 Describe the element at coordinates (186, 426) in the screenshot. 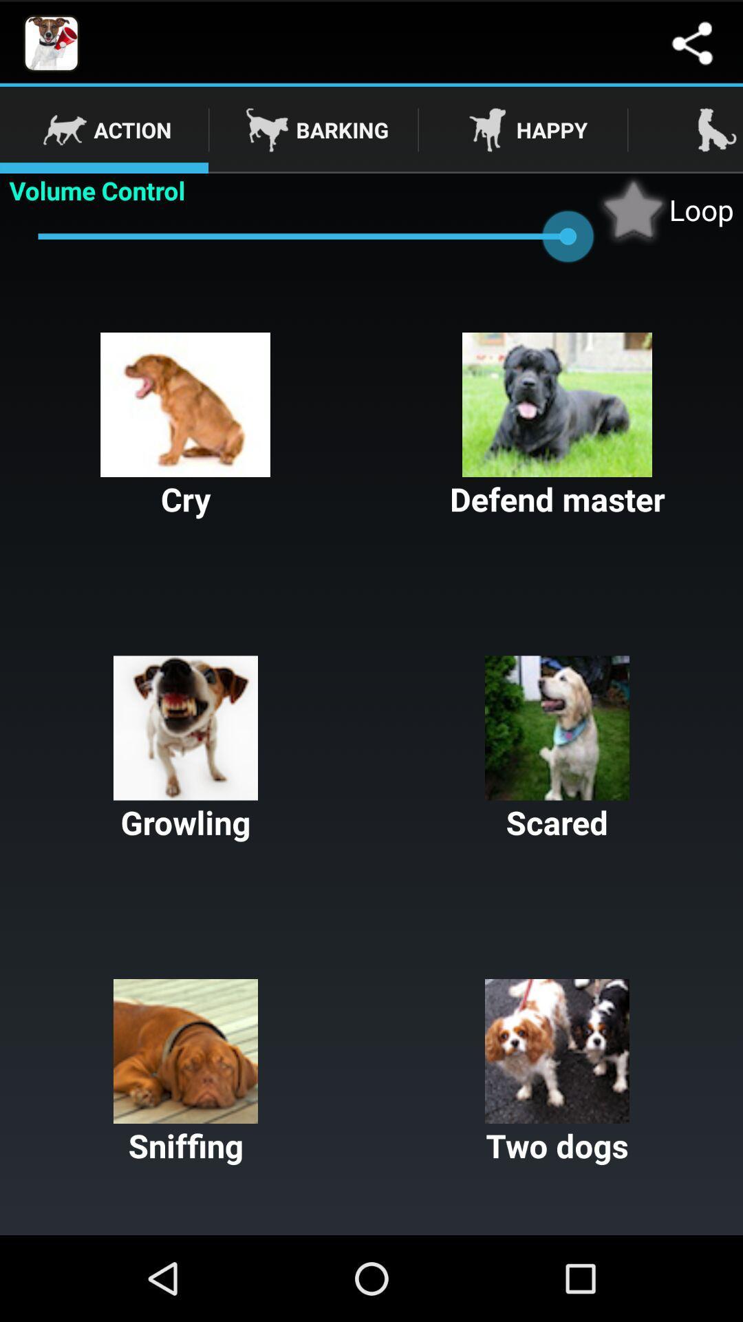

I see `the cry icon` at that location.